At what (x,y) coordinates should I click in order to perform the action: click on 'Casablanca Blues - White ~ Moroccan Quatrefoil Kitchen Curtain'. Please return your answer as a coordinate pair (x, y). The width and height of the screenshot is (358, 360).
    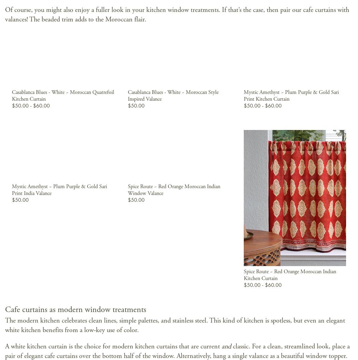
    Looking at the image, I should click on (62, 95).